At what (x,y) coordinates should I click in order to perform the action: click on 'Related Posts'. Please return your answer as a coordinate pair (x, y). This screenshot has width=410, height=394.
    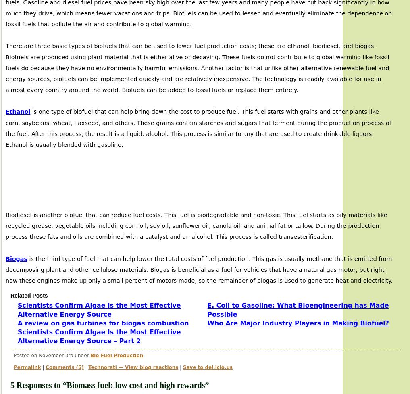
    Looking at the image, I should click on (29, 296).